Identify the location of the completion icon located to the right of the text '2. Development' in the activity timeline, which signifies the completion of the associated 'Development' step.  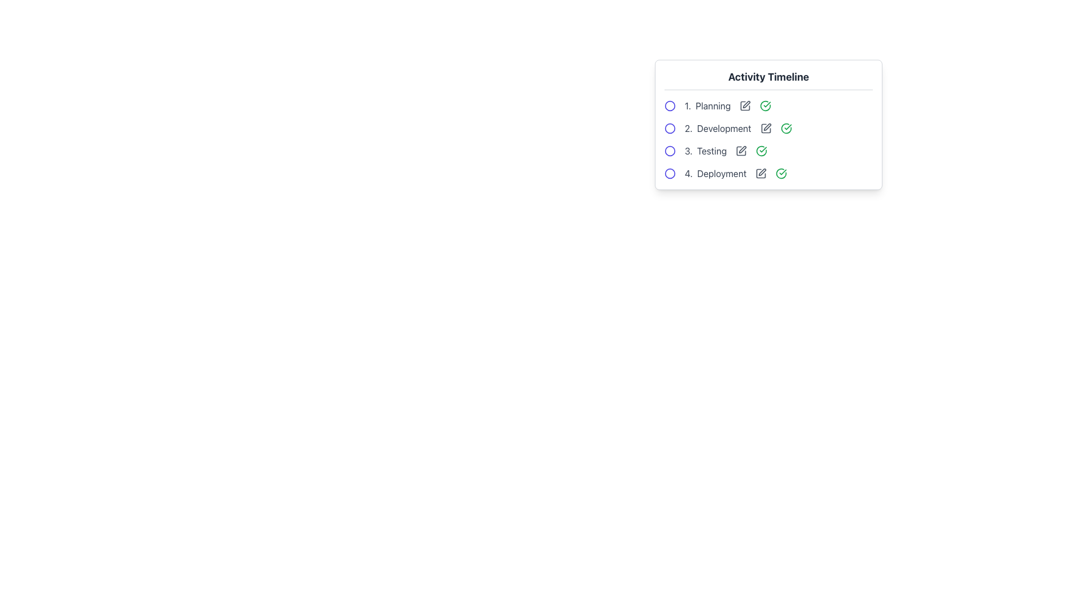
(785, 127).